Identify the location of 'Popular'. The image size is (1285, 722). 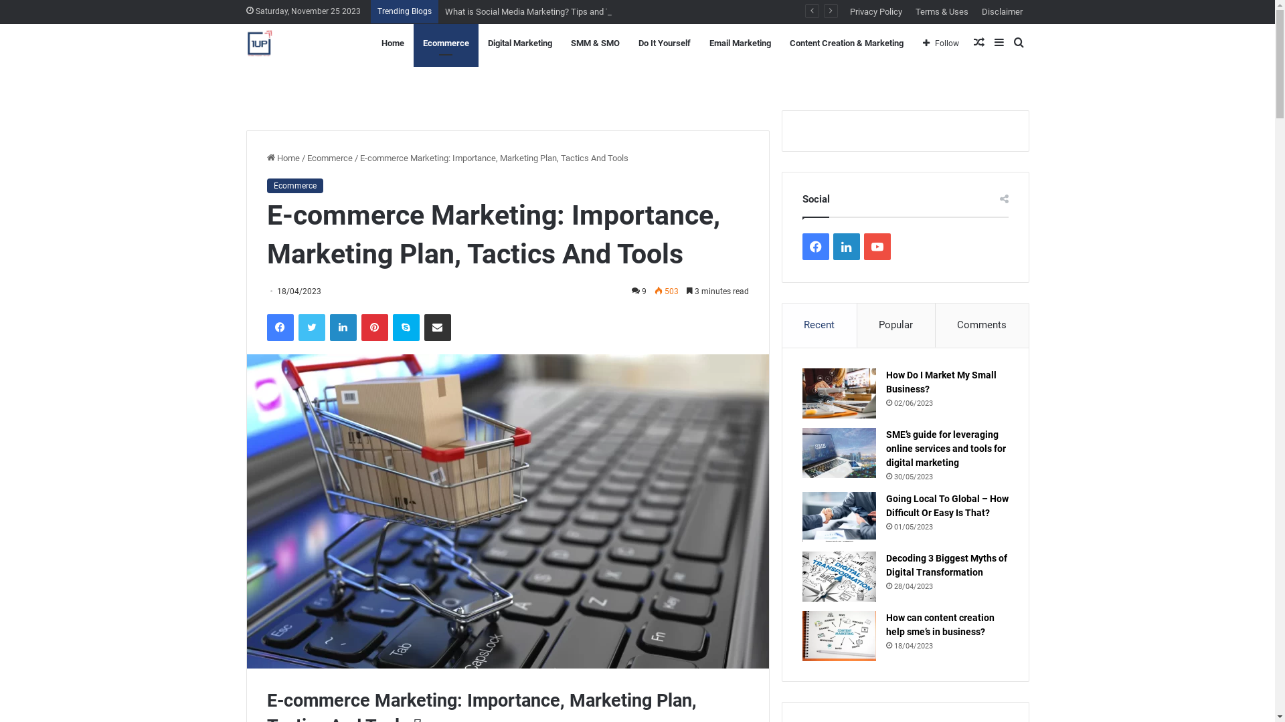
(857, 325).